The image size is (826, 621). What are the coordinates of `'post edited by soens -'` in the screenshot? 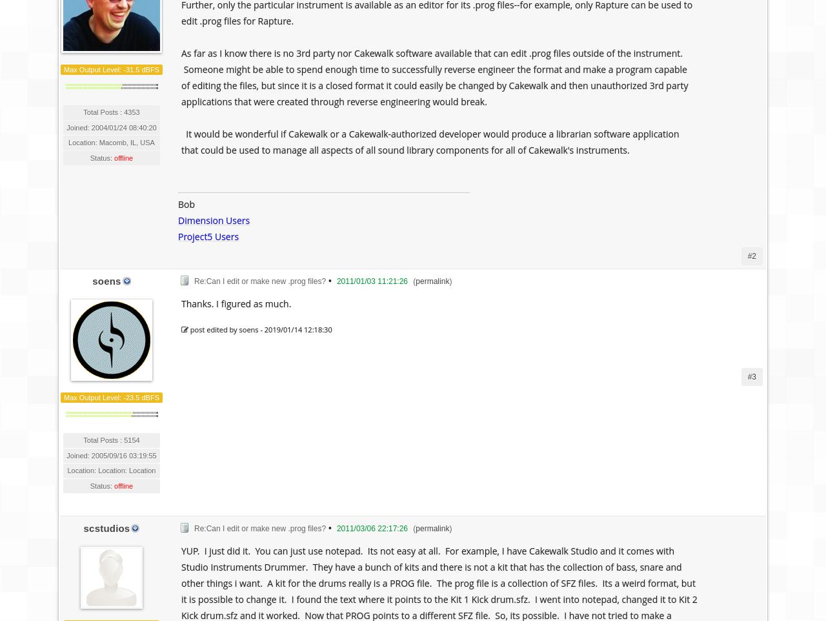 It's located at (187, 329).